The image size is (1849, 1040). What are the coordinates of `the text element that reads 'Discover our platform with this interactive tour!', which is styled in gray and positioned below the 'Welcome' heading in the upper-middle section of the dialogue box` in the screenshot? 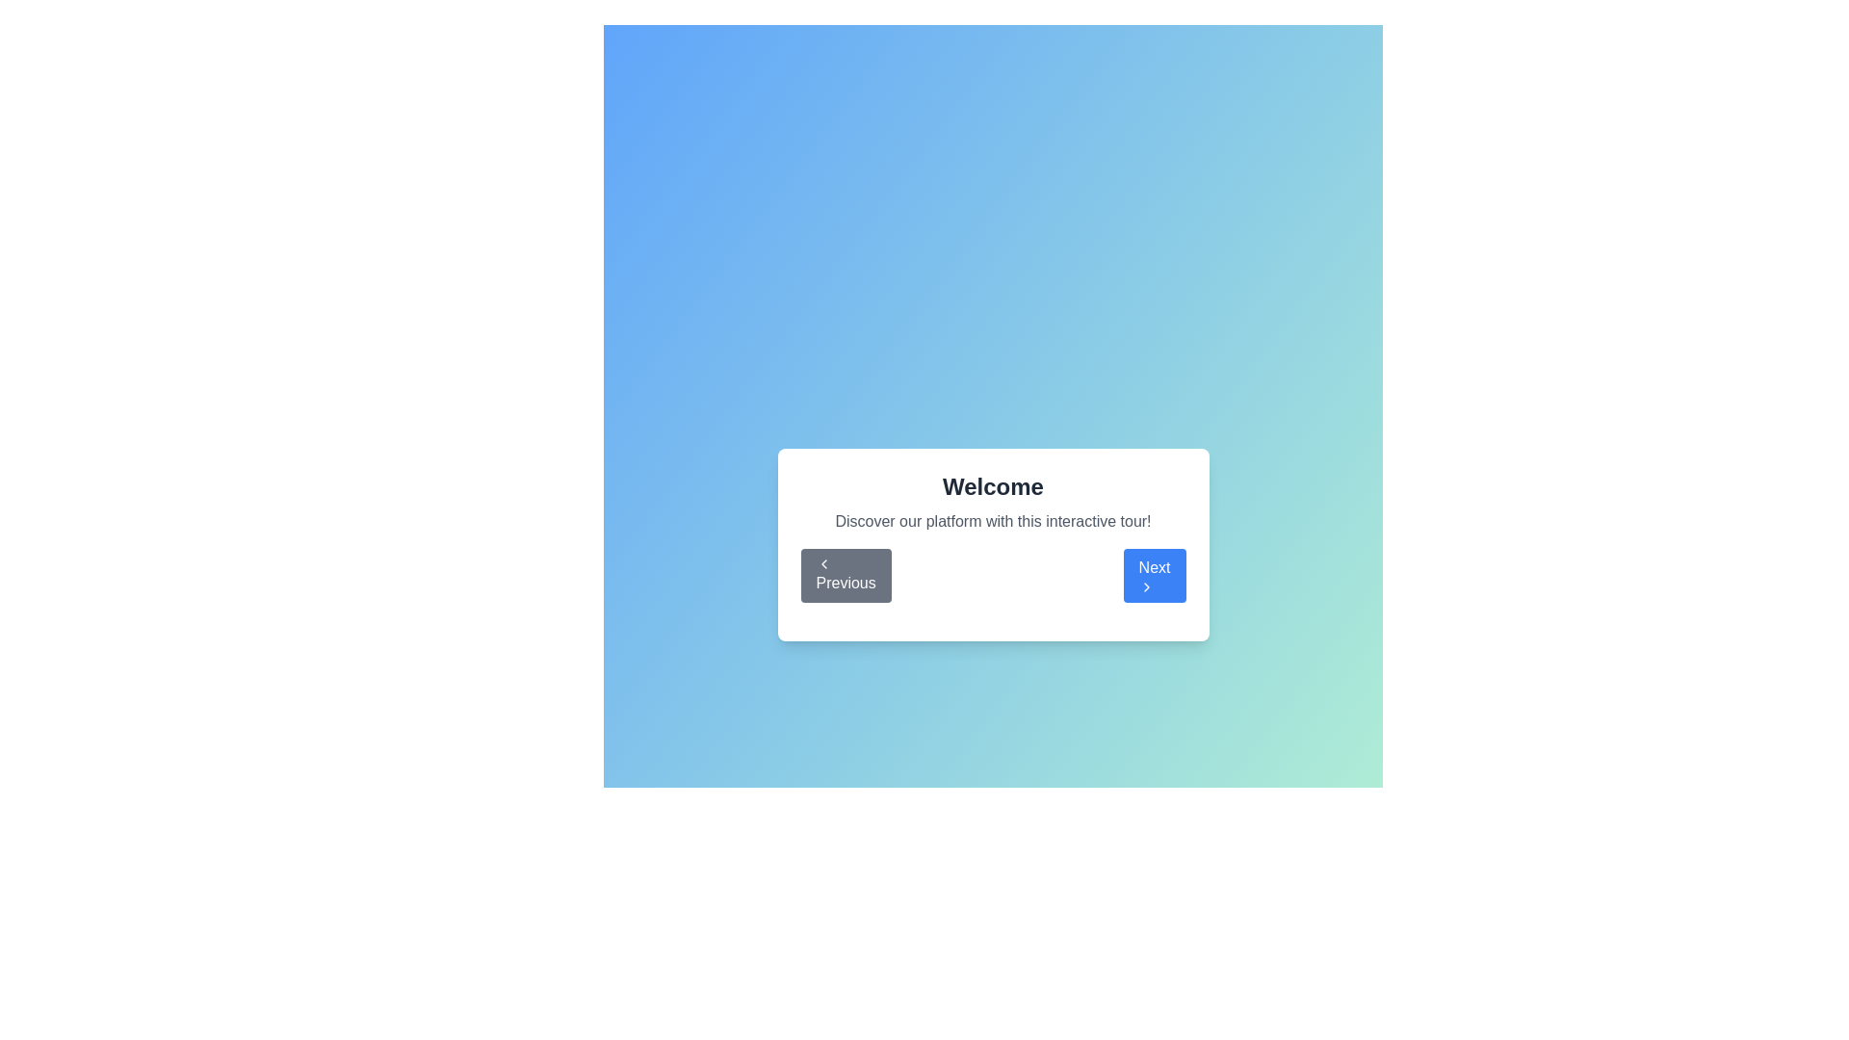 It's located at (993, 522).